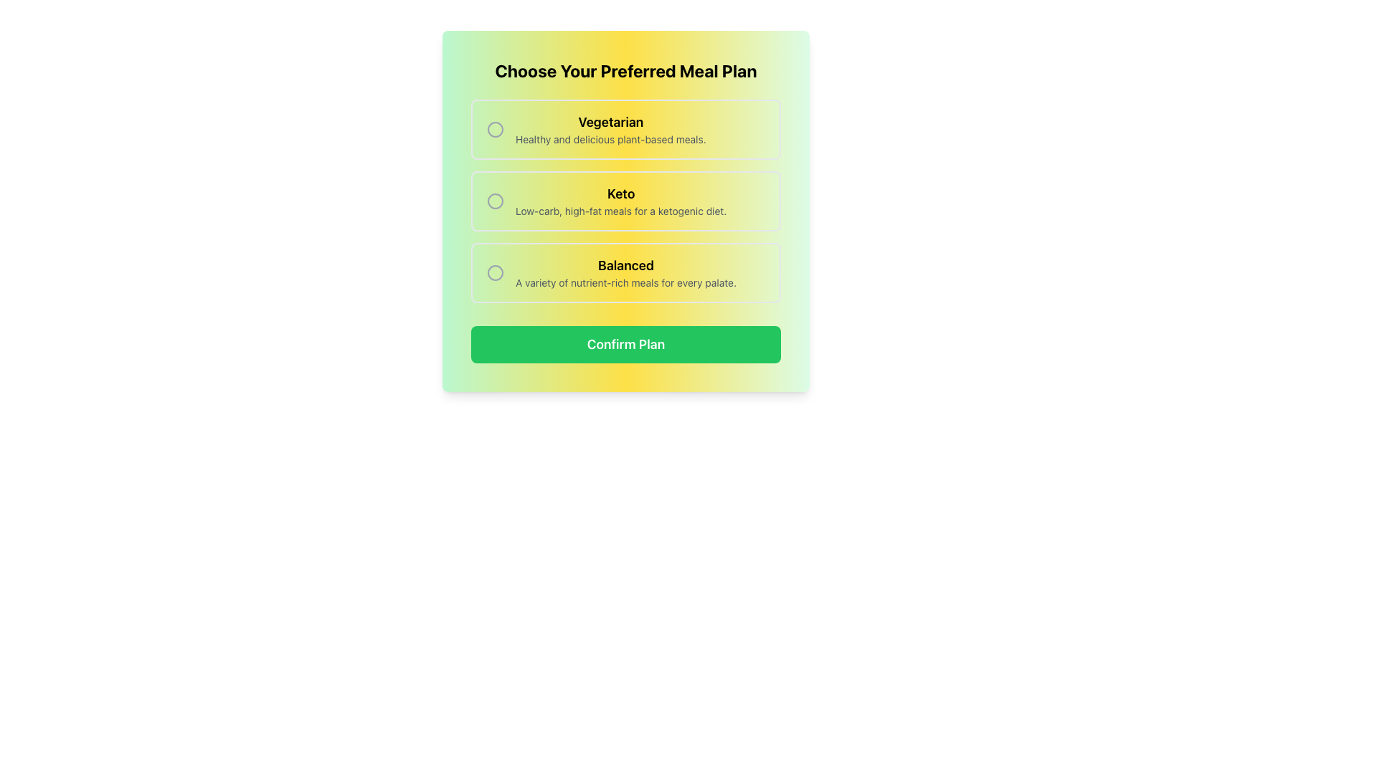  Describe the element at coordinates (626, 201) in the screenshot. I see `the second selectable list item for meal options located beneath the title 'Choose Your Preferred Meal Plan' and above the 'Confirm Plan' button` at that location.